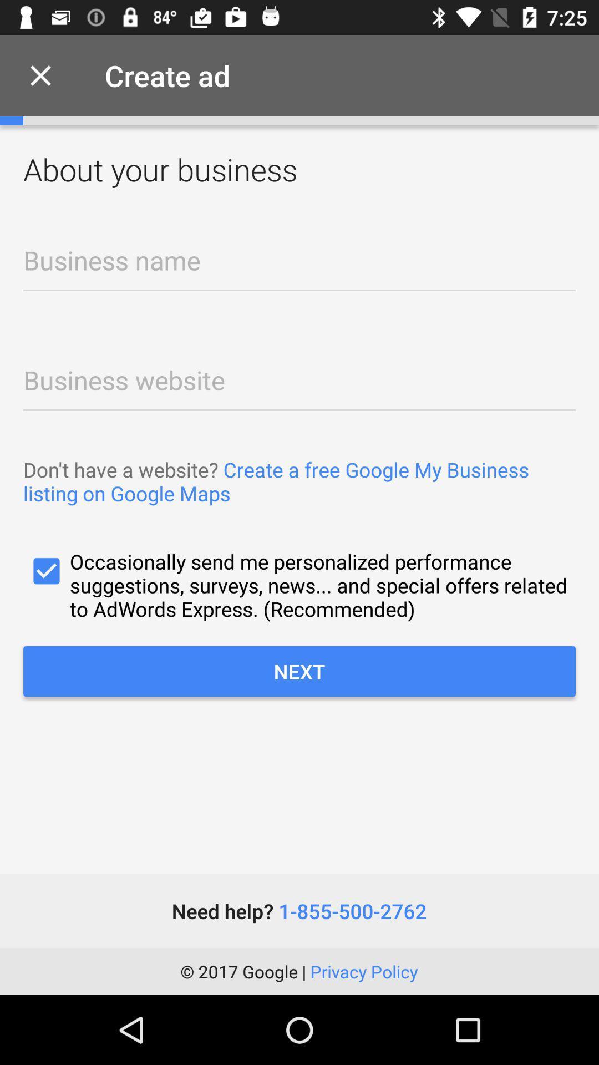 The width and height of the screenshot is (599, 1065). I want to click on business website, so click(299, 377).